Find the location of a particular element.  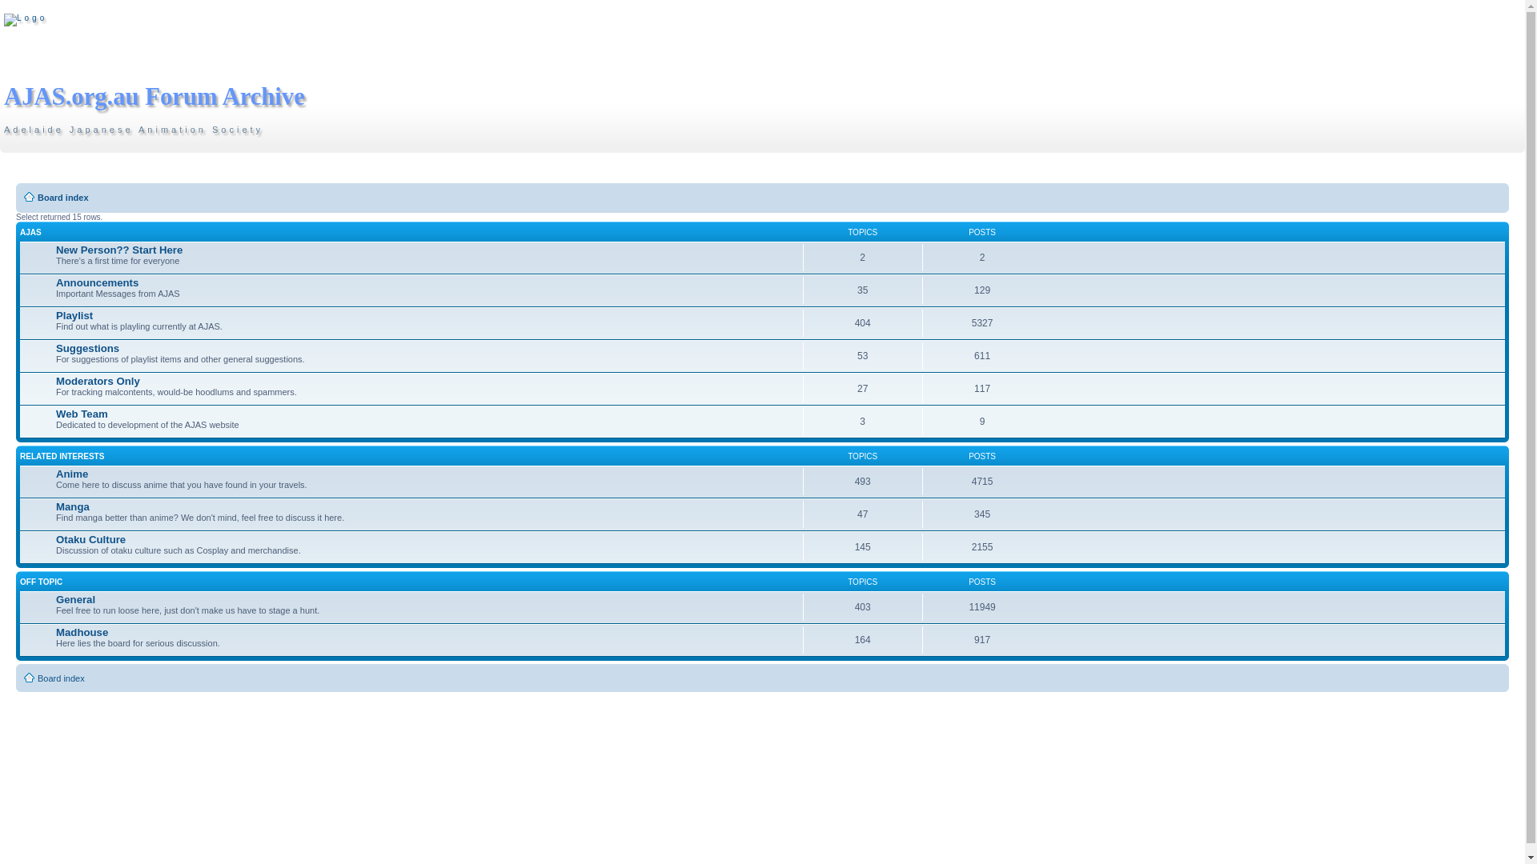

'Madhouse' is located at coordinates (81, 631).